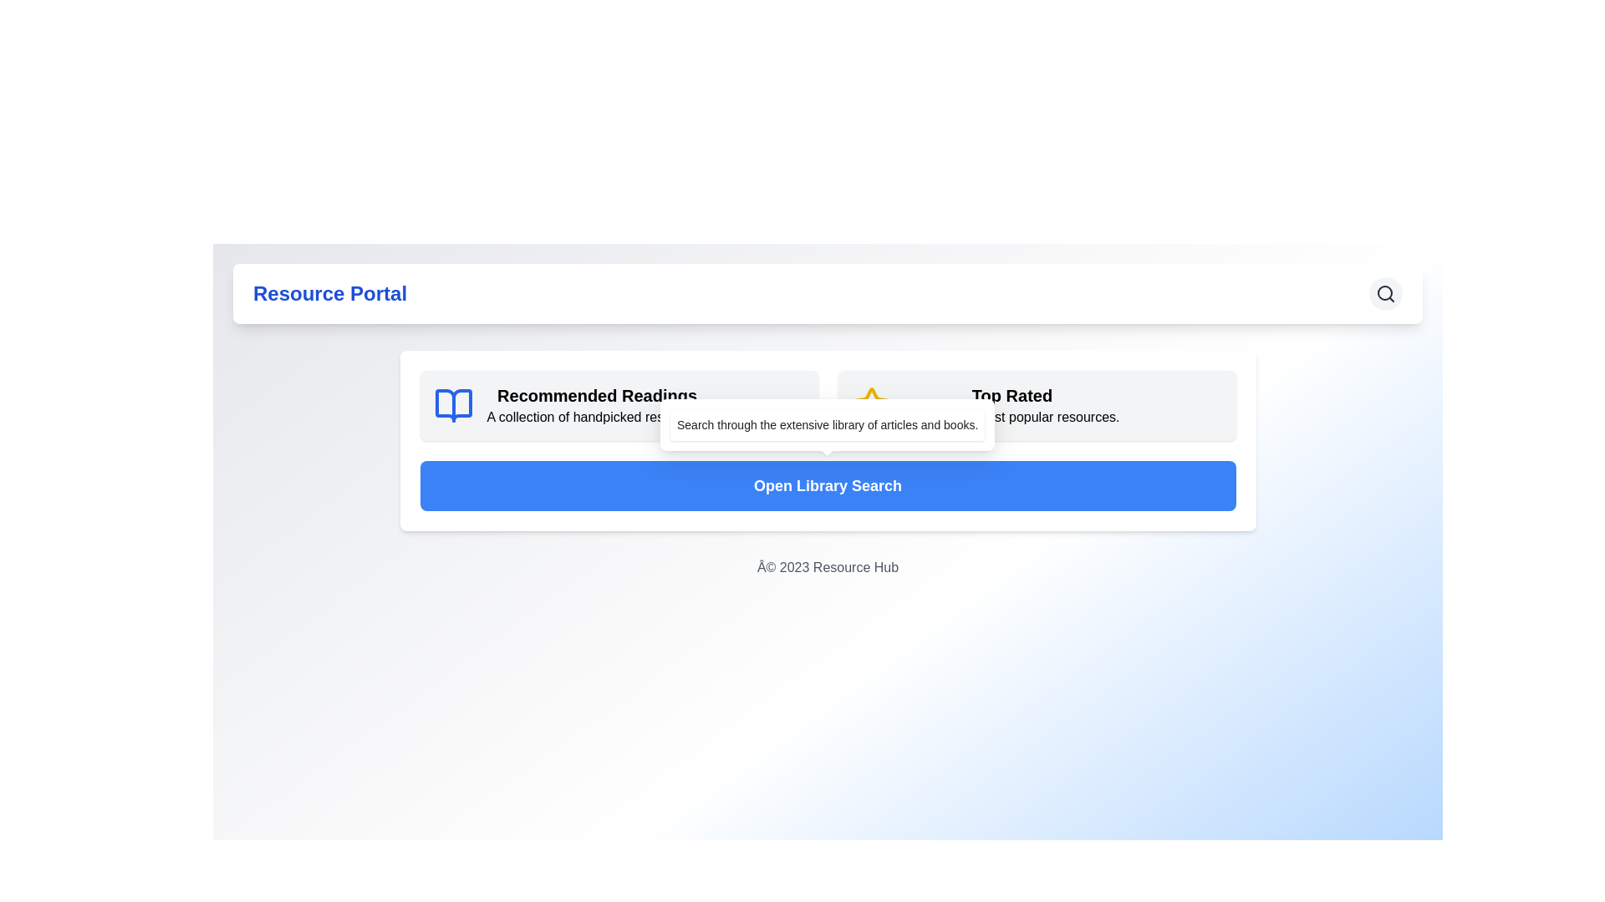  I want to click on the informational card located in the second column of a two-column grid layout, which highlights top-rated resources, so click(1036, 406).